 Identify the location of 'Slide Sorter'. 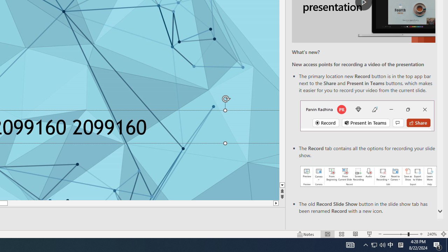
(342, 234).